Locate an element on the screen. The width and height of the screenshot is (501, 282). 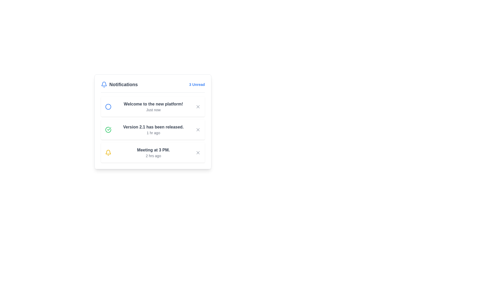
the bold text label that says 'Meeting at 3 PM.' located in the notification section of the app is located at coordinates (153, 150).